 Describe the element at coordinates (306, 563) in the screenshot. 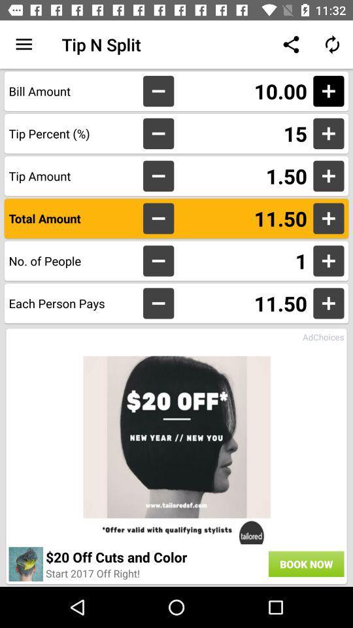

I see `the book now` at that location.